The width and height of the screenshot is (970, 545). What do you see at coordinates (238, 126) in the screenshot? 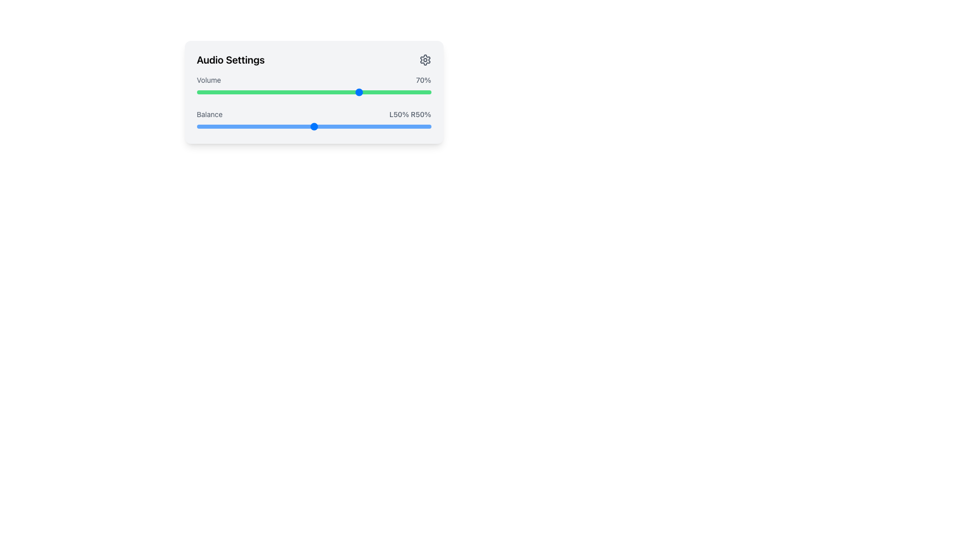
I see `the balance` at bounding box center [238, 126].